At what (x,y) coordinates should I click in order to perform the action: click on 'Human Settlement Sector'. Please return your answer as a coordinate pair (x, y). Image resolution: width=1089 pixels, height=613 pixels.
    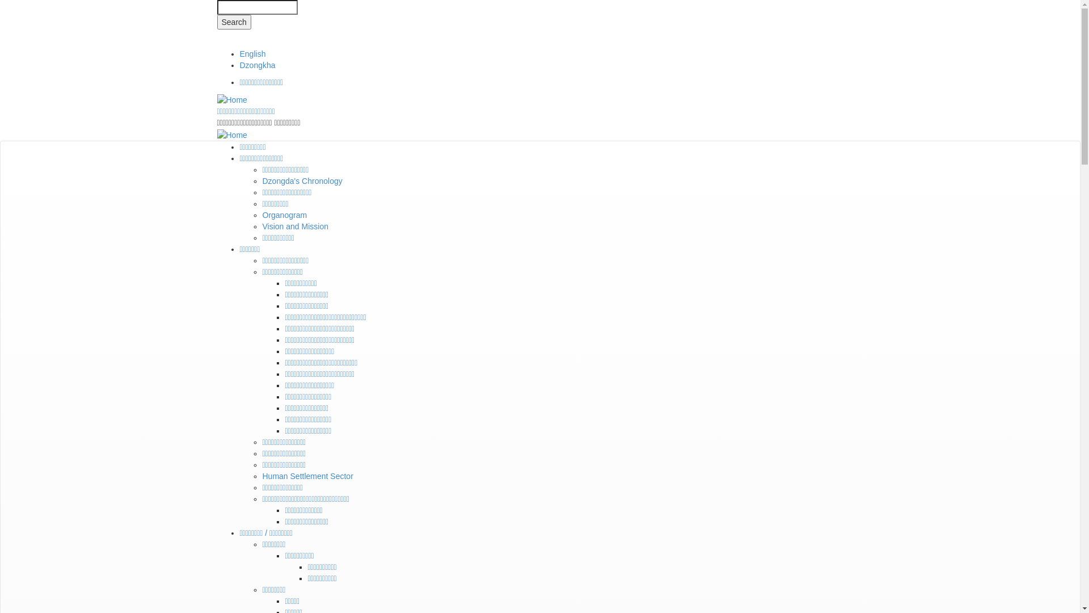
    Looking at the image, I should click on (307, 476).